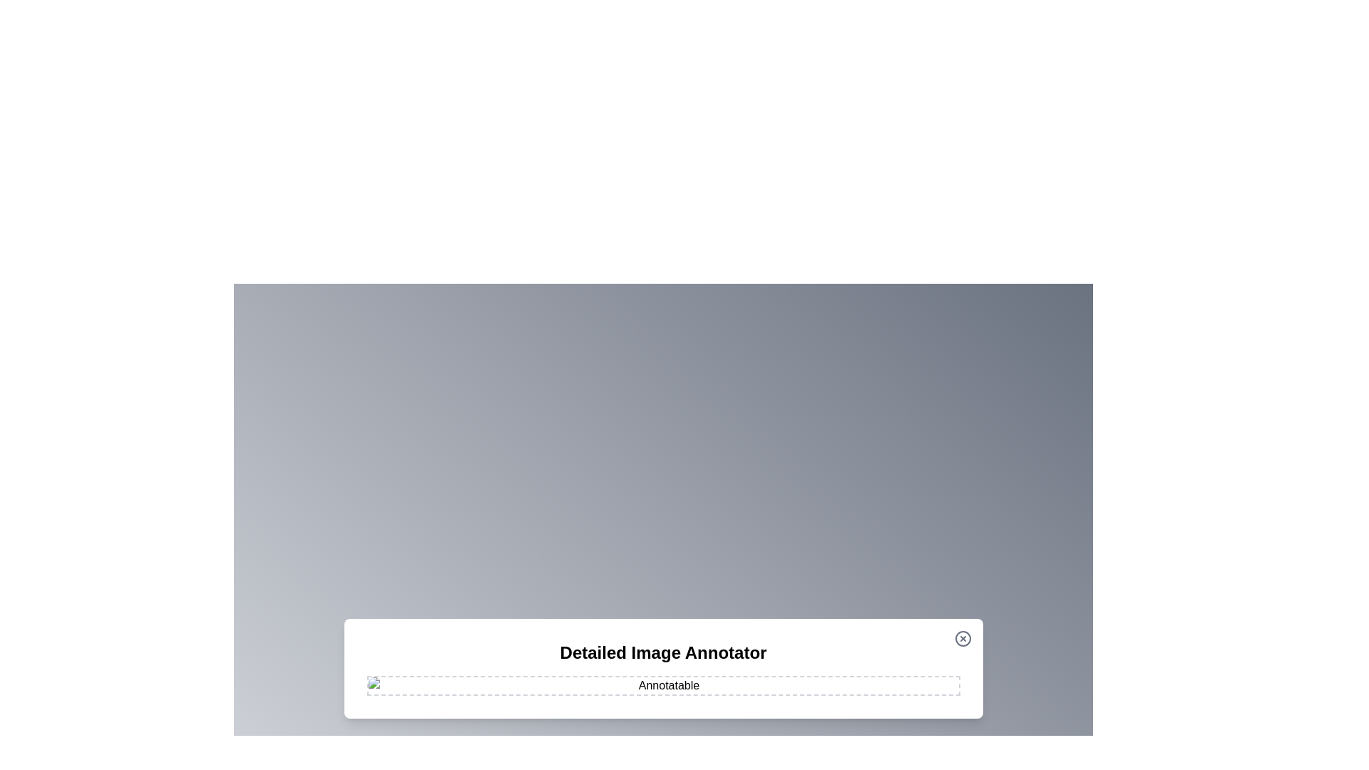  Describe the element at coordinates (889, 676) in the screenshot. I see `the image at coordinates (1249, 950) to add an annotation` at that location.